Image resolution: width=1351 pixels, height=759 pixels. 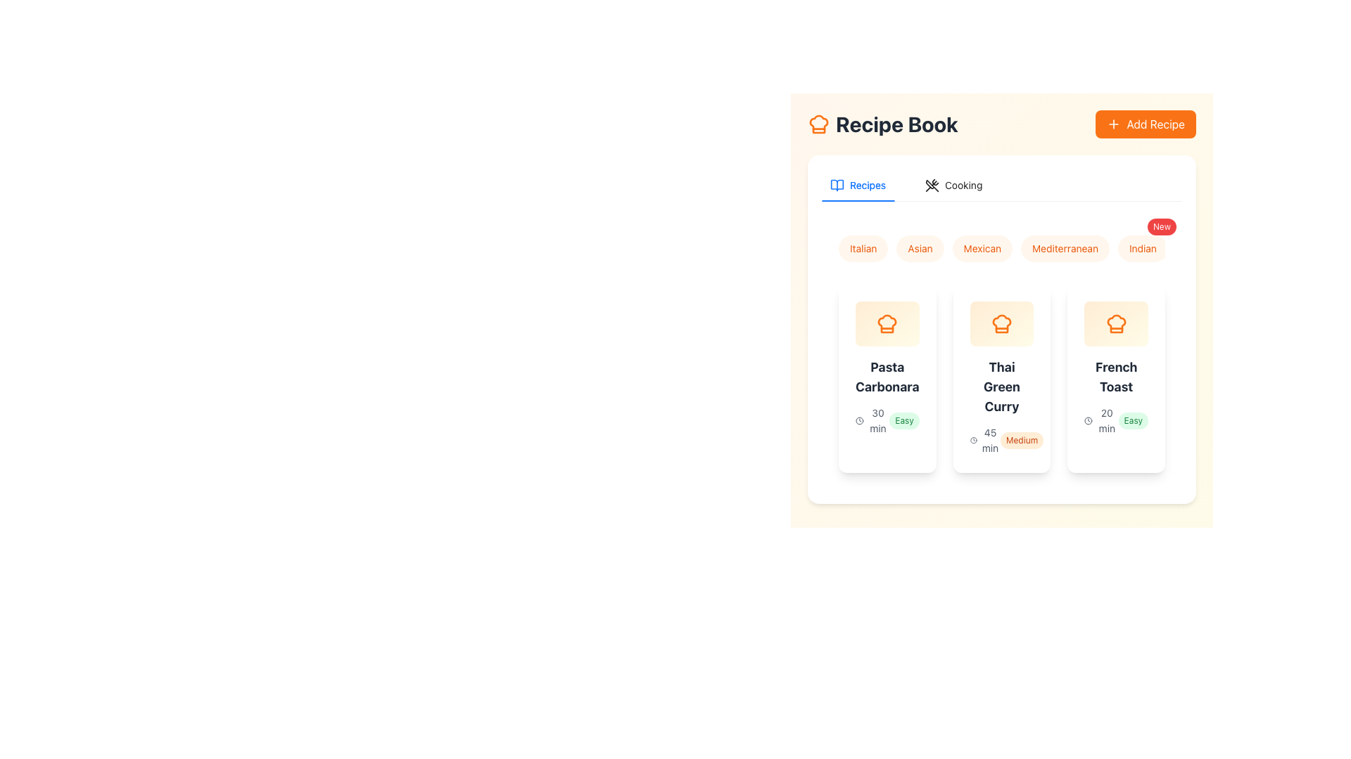 I want to click on the Label displaying '30 min' with a clock icon, located at the bottom-left corner of the 'Pasta Carbonara' recipe card, so click(x=872, y=420).